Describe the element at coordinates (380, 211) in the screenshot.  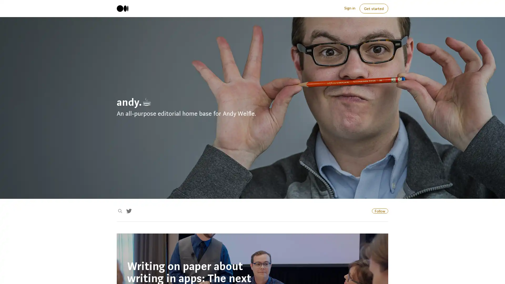
I see `Follow` at that location.